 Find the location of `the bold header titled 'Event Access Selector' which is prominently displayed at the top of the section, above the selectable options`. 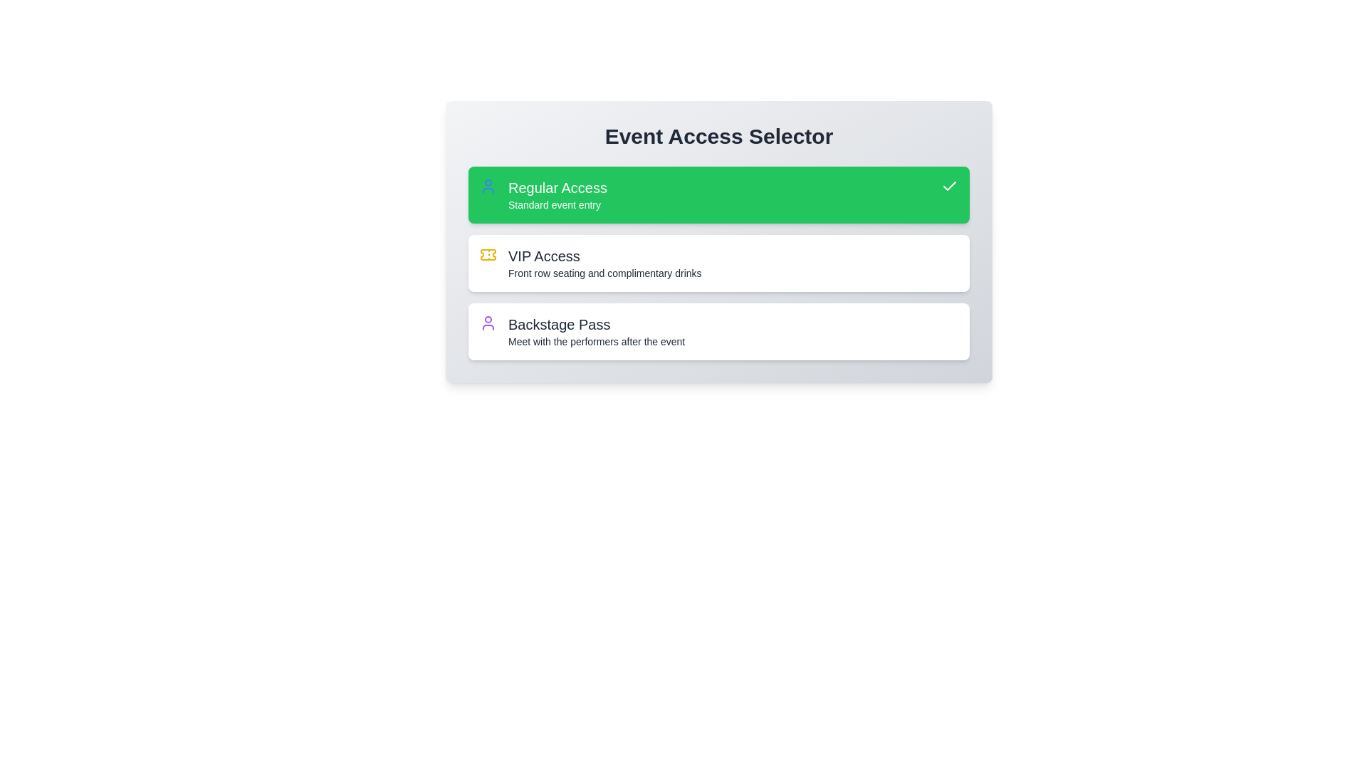

the bold header titled 'Event Access Selector' which is prominently displayed at the top of the section, above the selectable options is located at coordinates (718, 137).